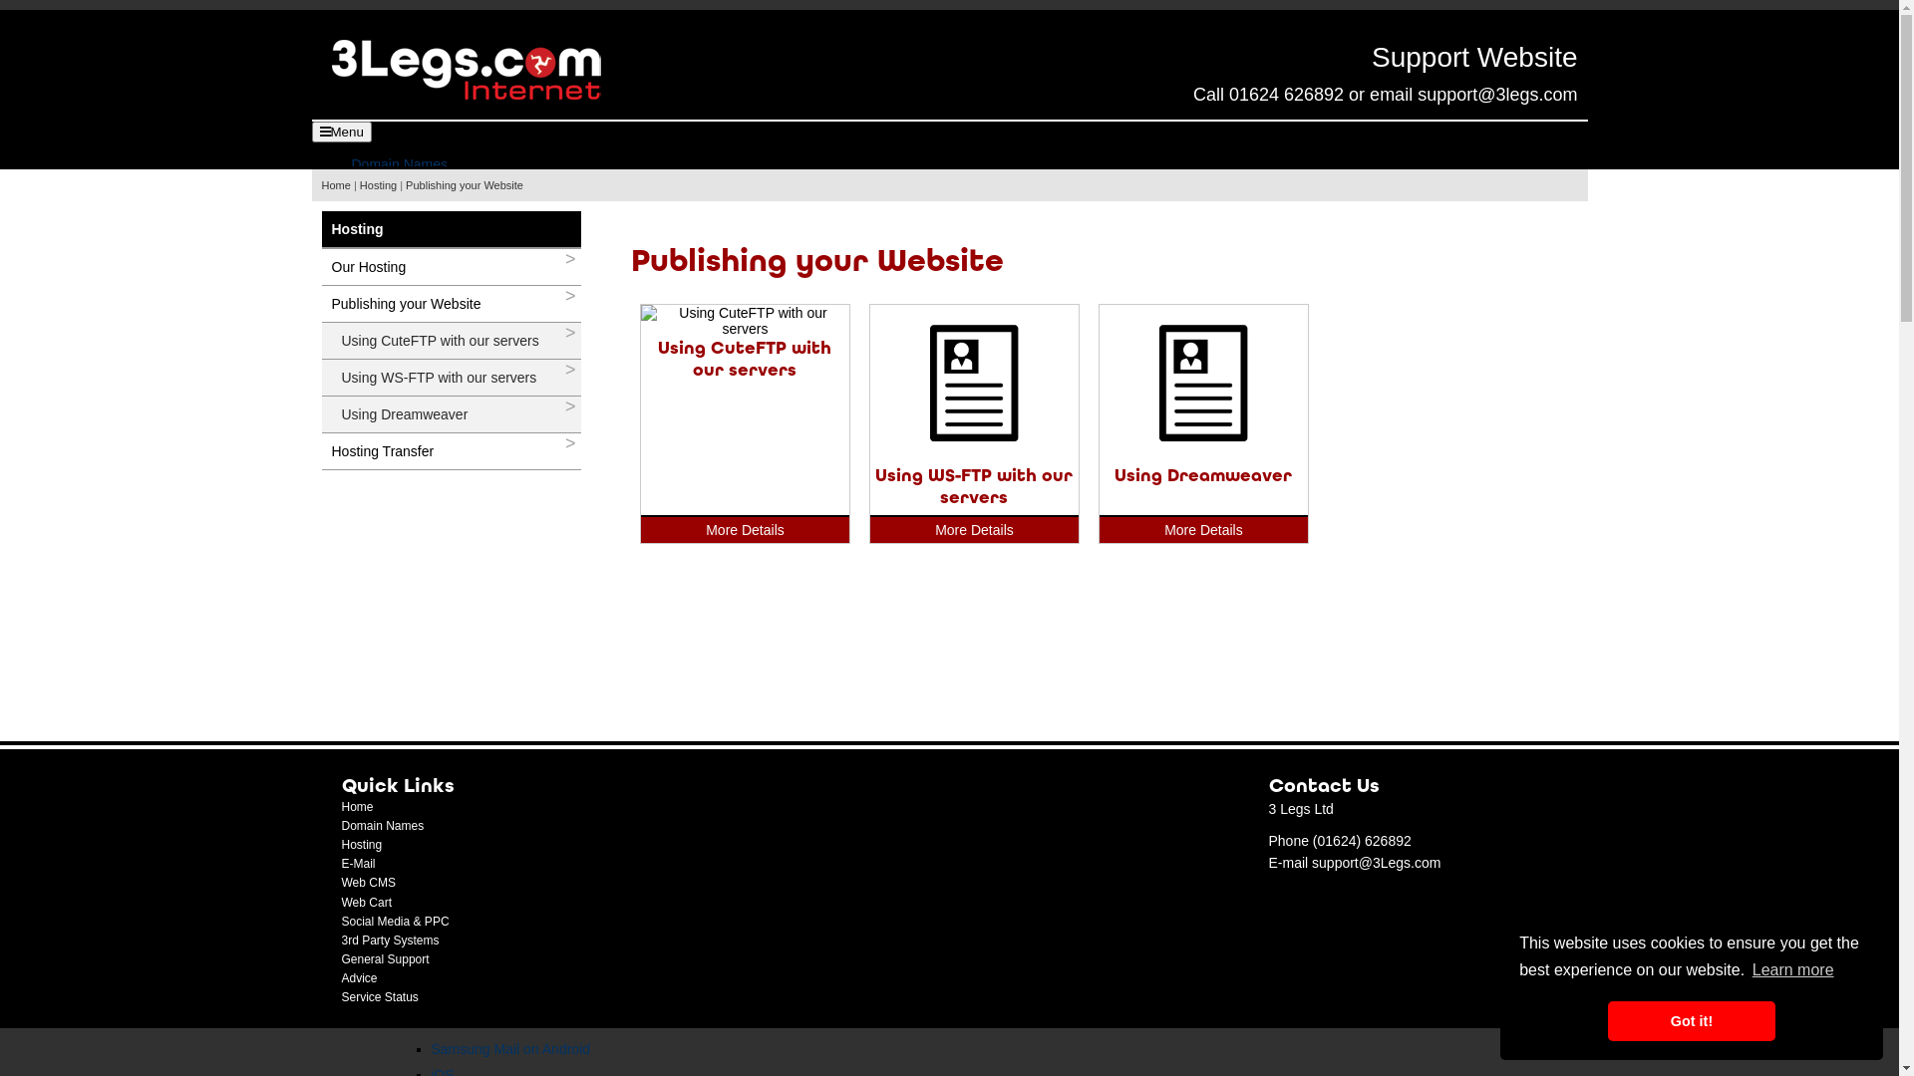 This screenshot has width=1914, height=1076. What do you see at coordinates (464, 68) in the screenshot?
I see `'Back to Homepage'` at bounding box center [464, 68].